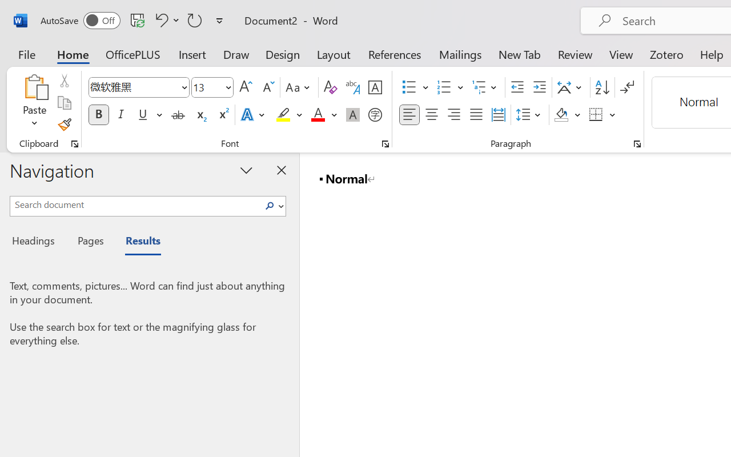 Image resolution: width=731 pixels, height=457 pixels. Describe the element at coordinates (460, 54) in the screenshot. I see `'Mailings'` at that location.